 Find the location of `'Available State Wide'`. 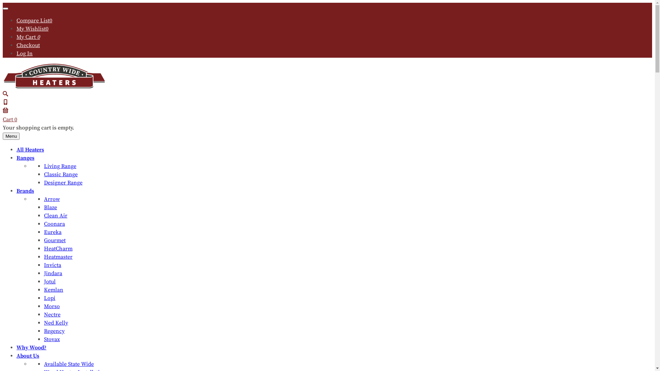

'Available State Wide' is located at coordinates (69, 364).